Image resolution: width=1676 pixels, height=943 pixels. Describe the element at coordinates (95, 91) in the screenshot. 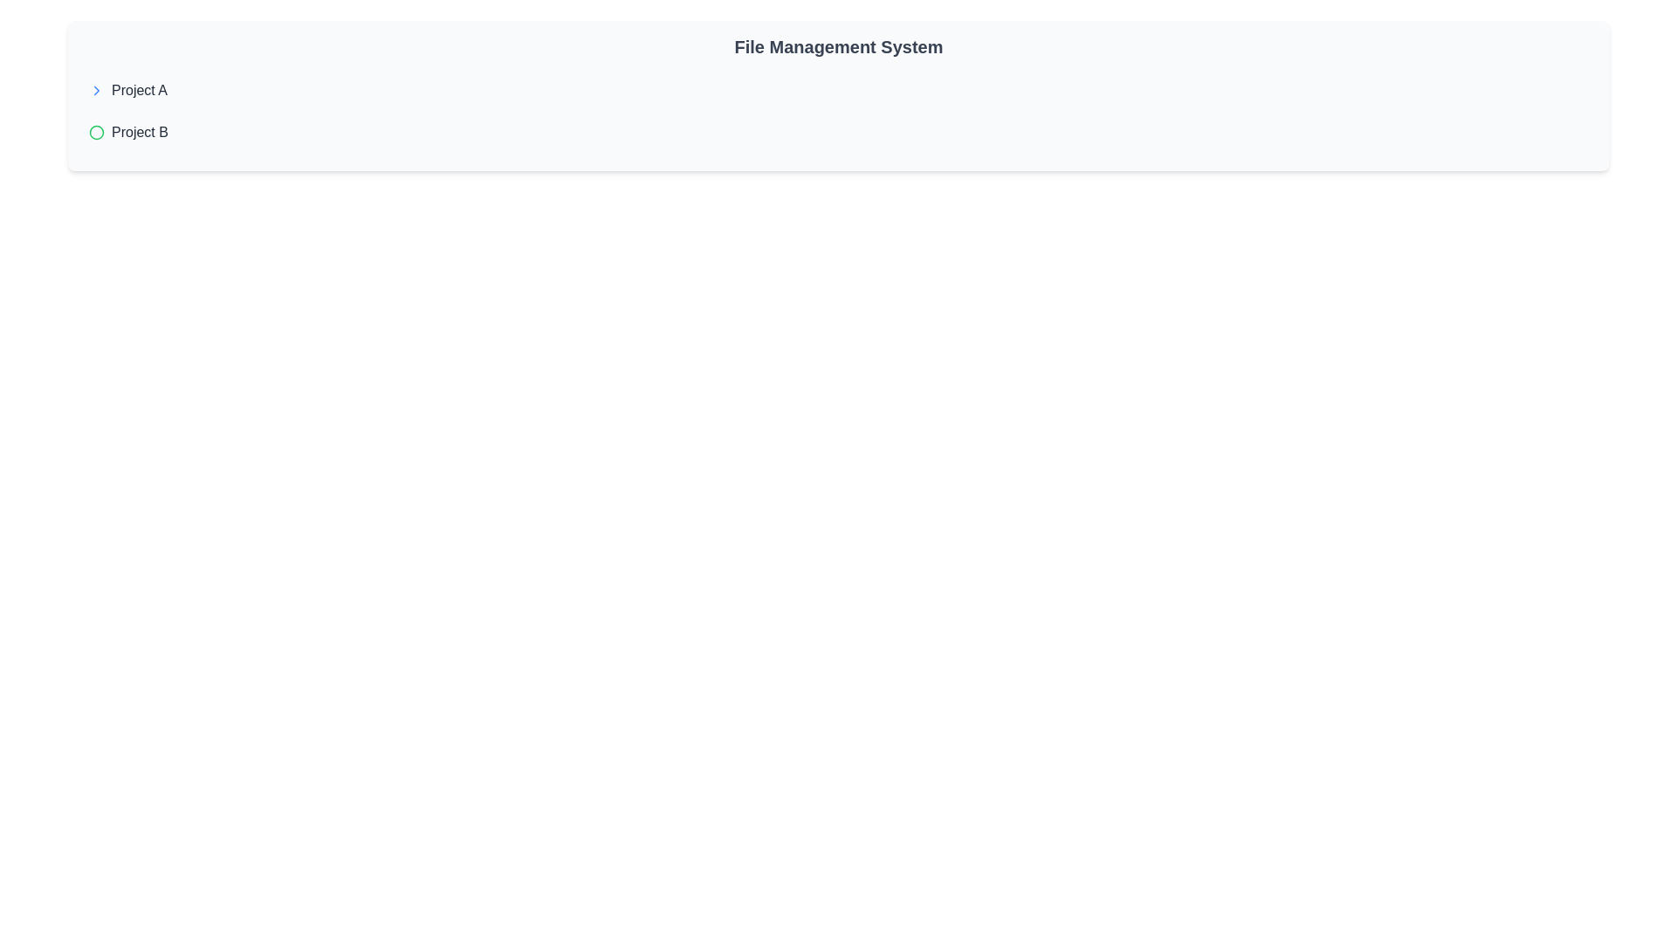

I see `the chevron icon indicating expandability or navigation next to the label 'Project A'` at that location.